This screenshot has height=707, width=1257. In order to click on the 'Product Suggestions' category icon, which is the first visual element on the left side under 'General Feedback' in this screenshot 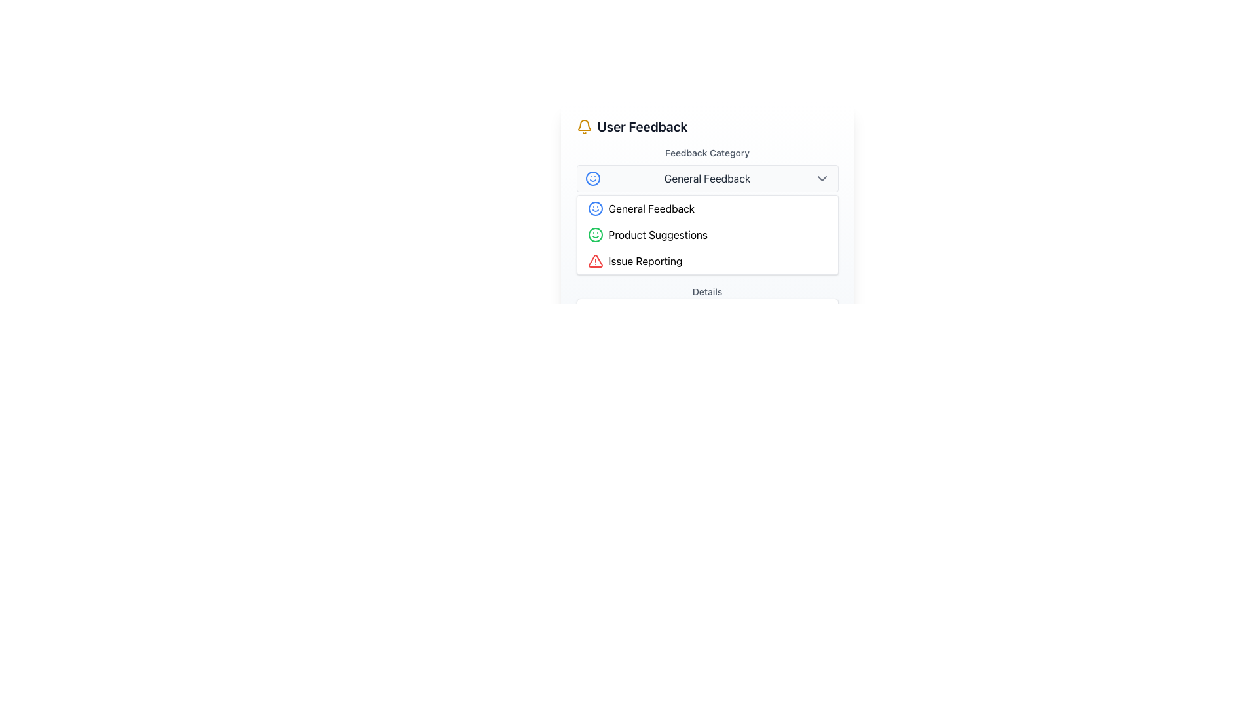, I will do `click(594, 234)`.